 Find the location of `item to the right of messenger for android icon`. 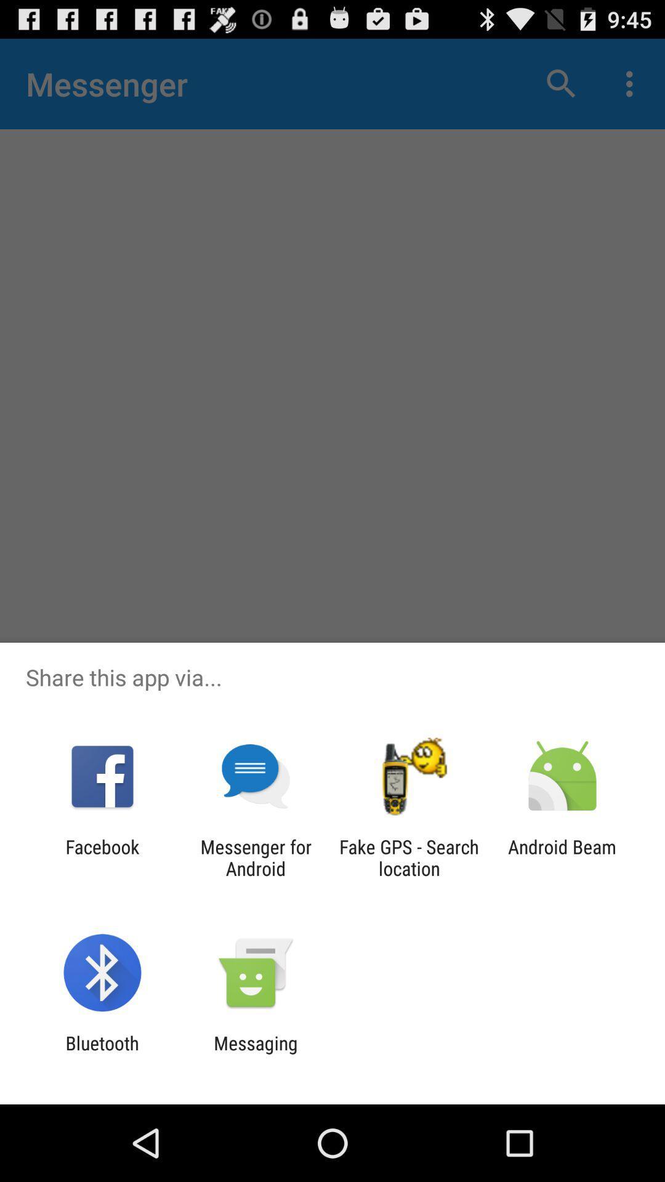

item to the right of messenger for android icon is located at coordinates (409, 857).